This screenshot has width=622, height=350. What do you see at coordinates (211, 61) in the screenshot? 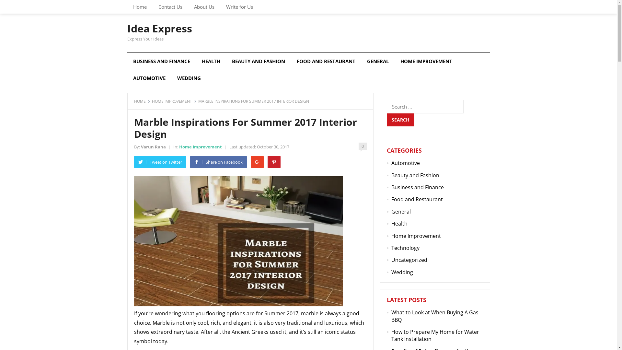
I see `'HEALTH'` at bounding box center [211, 61].